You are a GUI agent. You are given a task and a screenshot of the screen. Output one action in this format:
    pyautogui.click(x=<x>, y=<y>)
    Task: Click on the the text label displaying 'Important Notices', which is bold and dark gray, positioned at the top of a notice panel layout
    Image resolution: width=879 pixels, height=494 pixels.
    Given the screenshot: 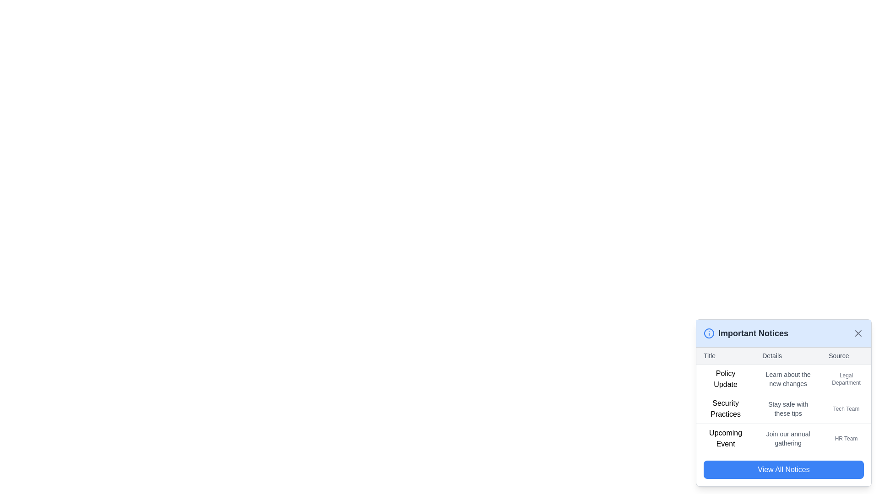 What is the action you would take?
    pyautogui.click(x=753, y=333)
    